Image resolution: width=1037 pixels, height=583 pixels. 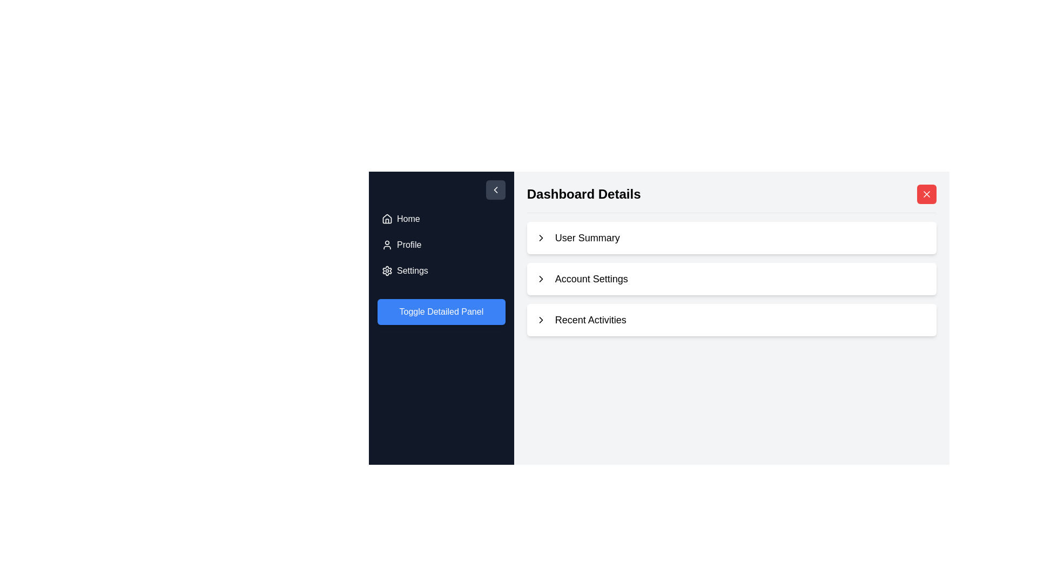 I want to click on 'Account Settings' text label located in the second section of the dashboard detail menu, positioned between 'User Summary' and 'Recent Activities', so click(x=591, y=278).